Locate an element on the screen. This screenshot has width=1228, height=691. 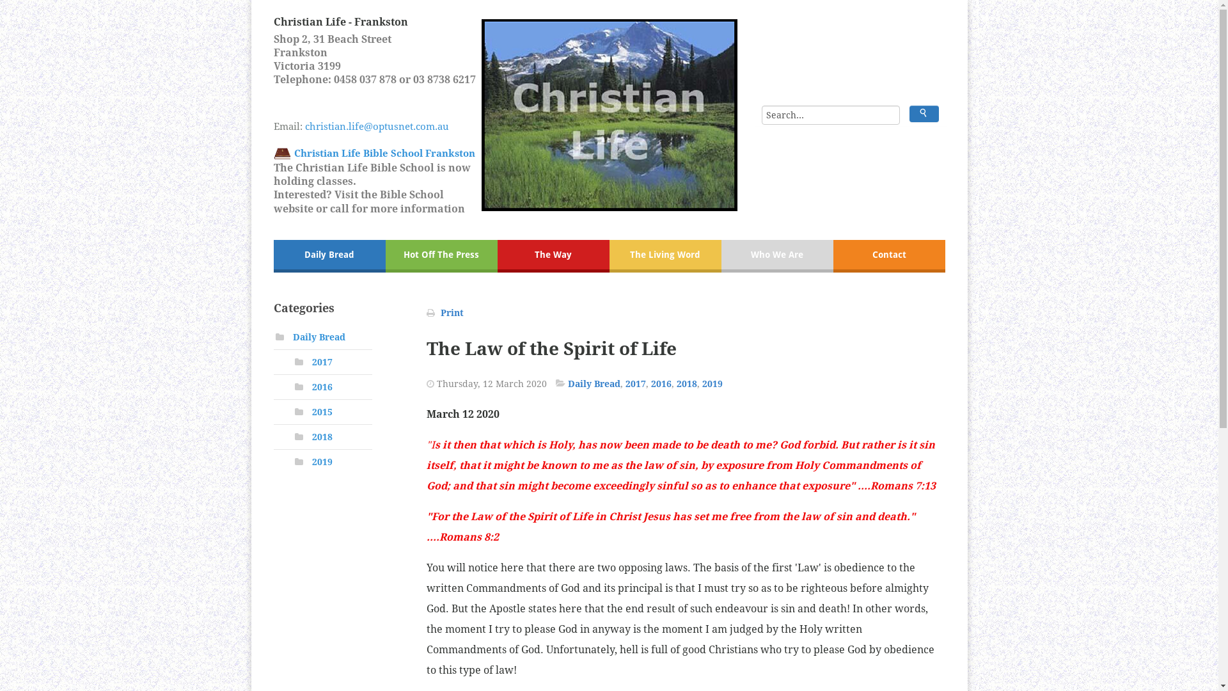
' Christian Life Bible School Frankston' is located at coordinates (382, 152).